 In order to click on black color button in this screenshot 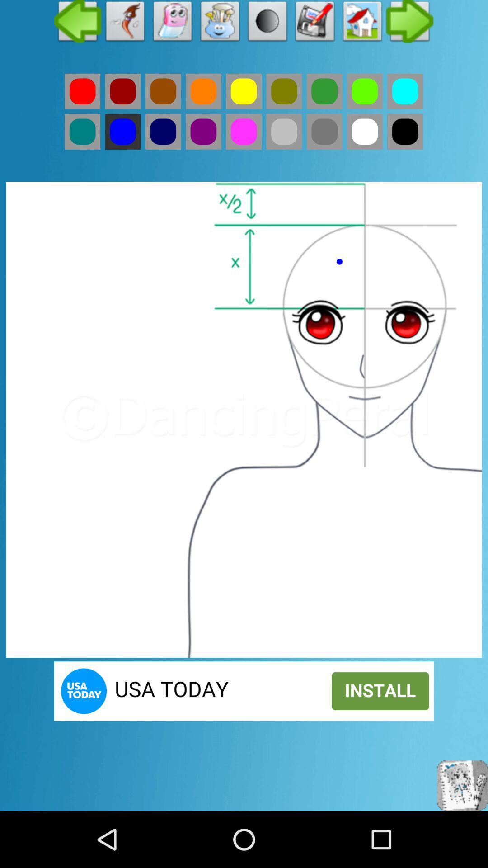, I will do `click(404, 131)`.